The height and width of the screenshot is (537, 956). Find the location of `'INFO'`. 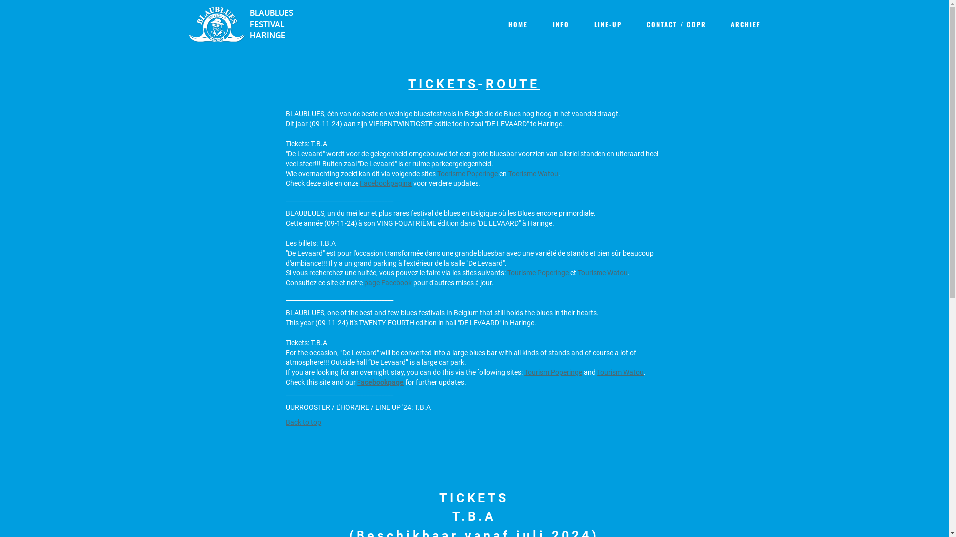

'INFO' is located at coordinates (561, 24).